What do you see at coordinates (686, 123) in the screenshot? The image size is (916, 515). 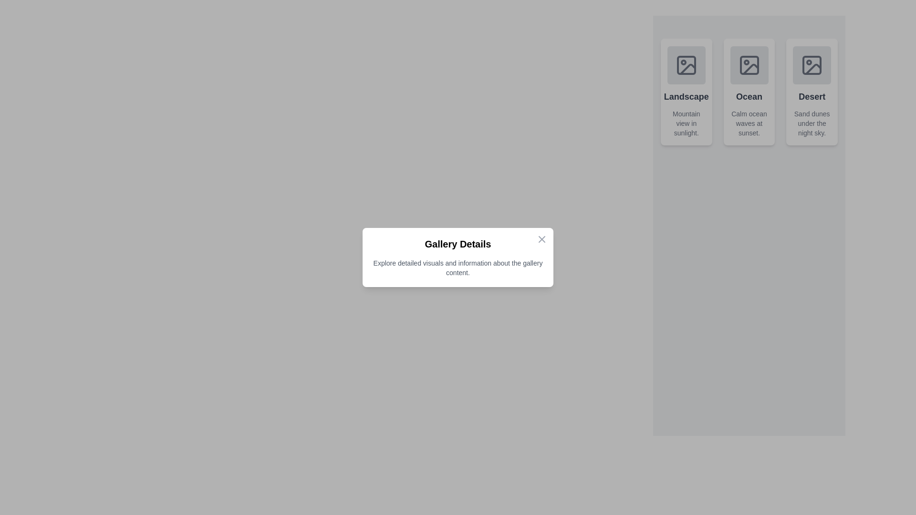 I see `text label displaying 'Mountain view in sunlight.' located below the title 'Landscape' in the first card of the section` at bounding box center [686, 123].